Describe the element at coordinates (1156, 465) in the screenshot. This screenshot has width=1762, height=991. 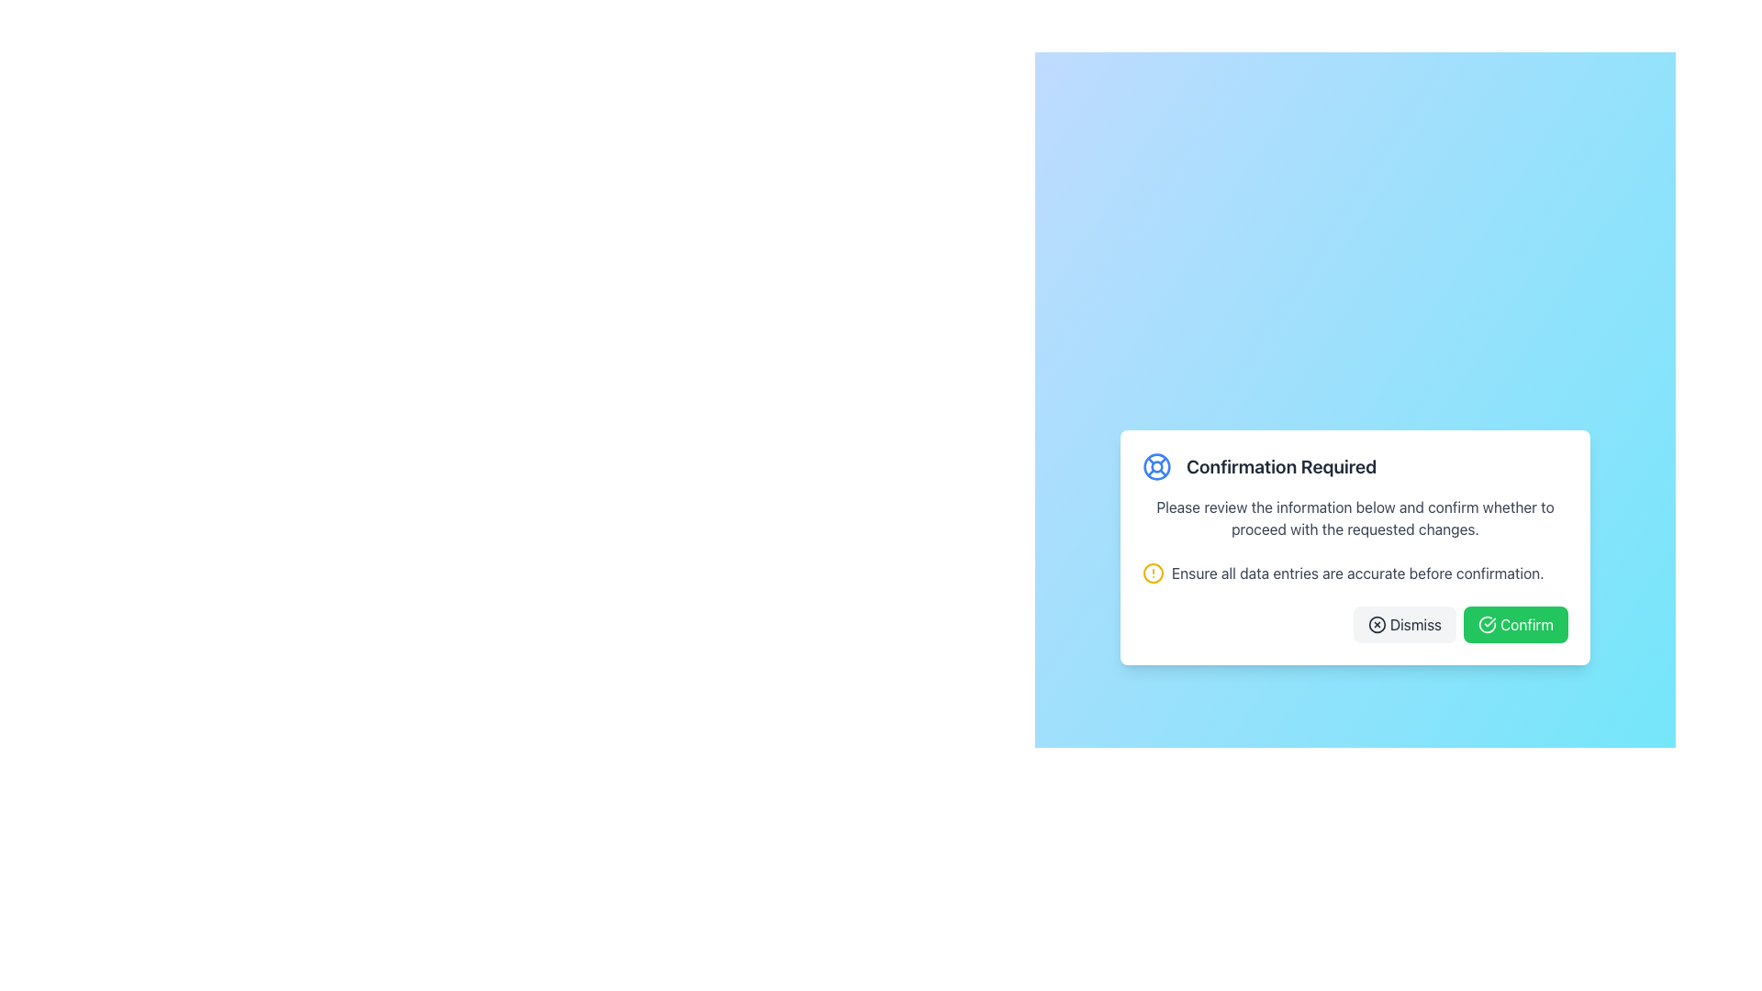
I see `the central circular component of the lifebuoy icon, which symbolizes support or safety, located near the top-left corner of the confirmation message box` at that location.